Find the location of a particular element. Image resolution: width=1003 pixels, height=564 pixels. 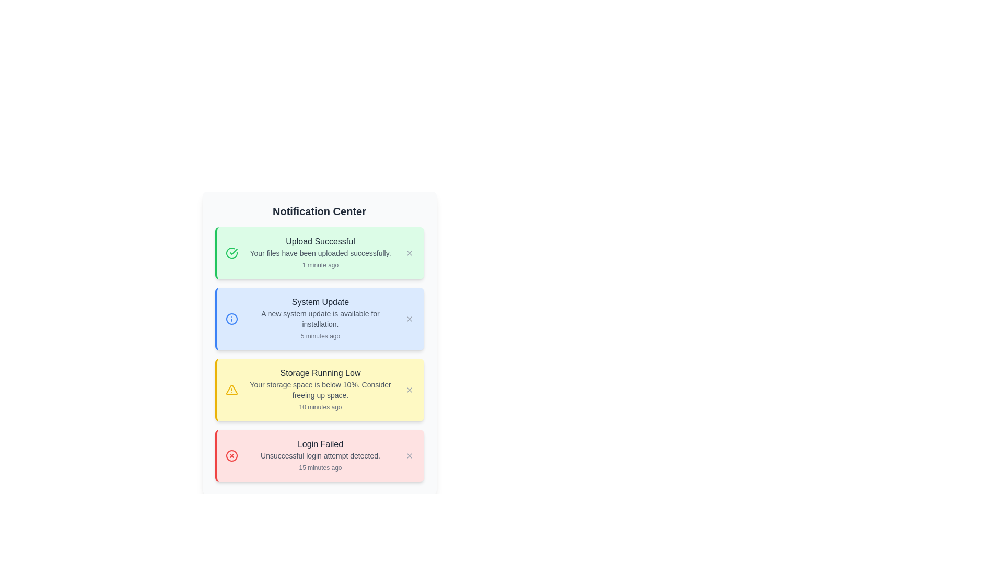

the timestamp text label located at the bottom-right corner of the first notification card beneath the descriptive text 'Your files have been uploaded successfully.' to include it in a timestamp-related functionality is located at coordinates (320, 265).